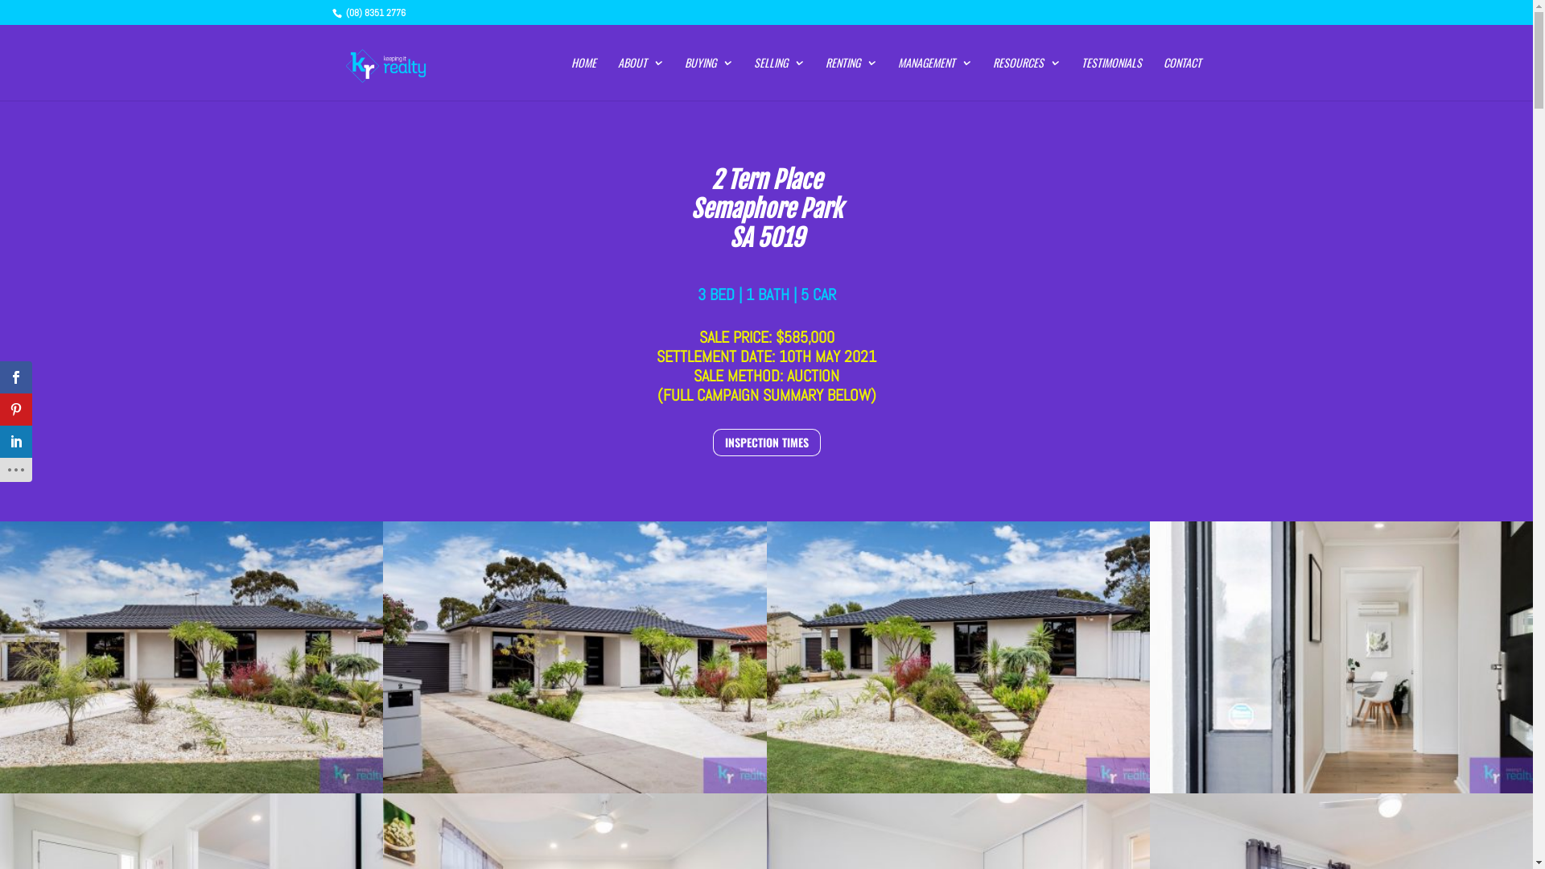  I want to click on 'MANAGEMENT', so click(934, 78).